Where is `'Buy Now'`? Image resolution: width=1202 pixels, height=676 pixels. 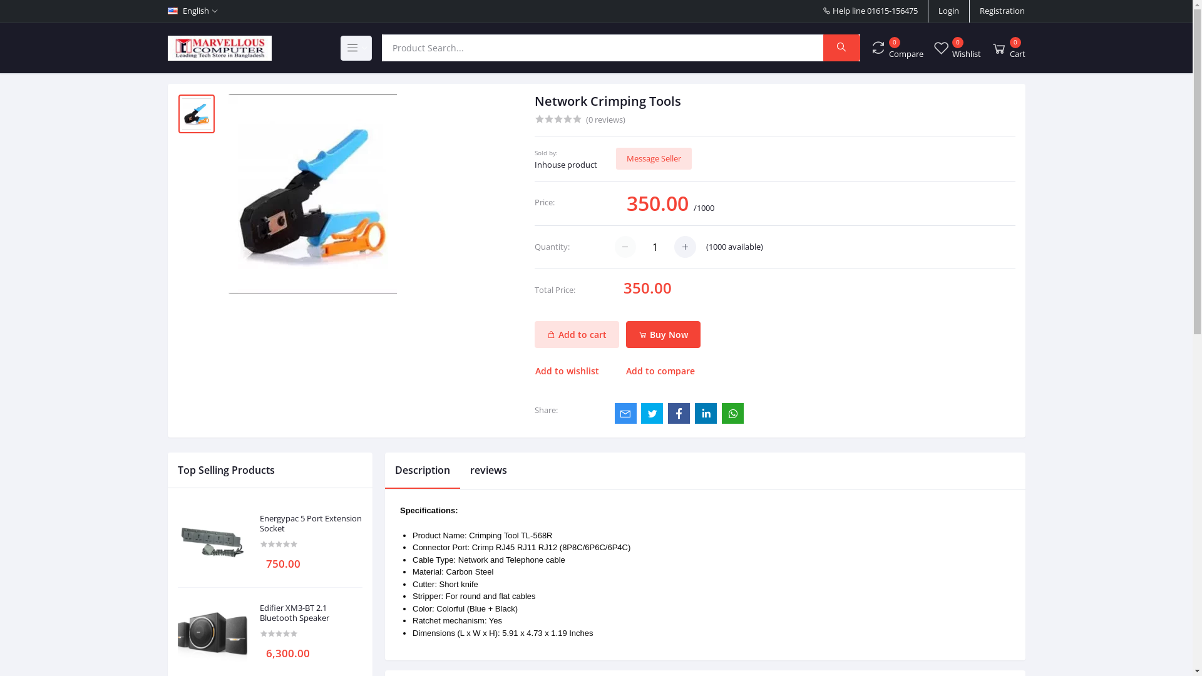 'Buy Now' is located at coordinates (625, 333).